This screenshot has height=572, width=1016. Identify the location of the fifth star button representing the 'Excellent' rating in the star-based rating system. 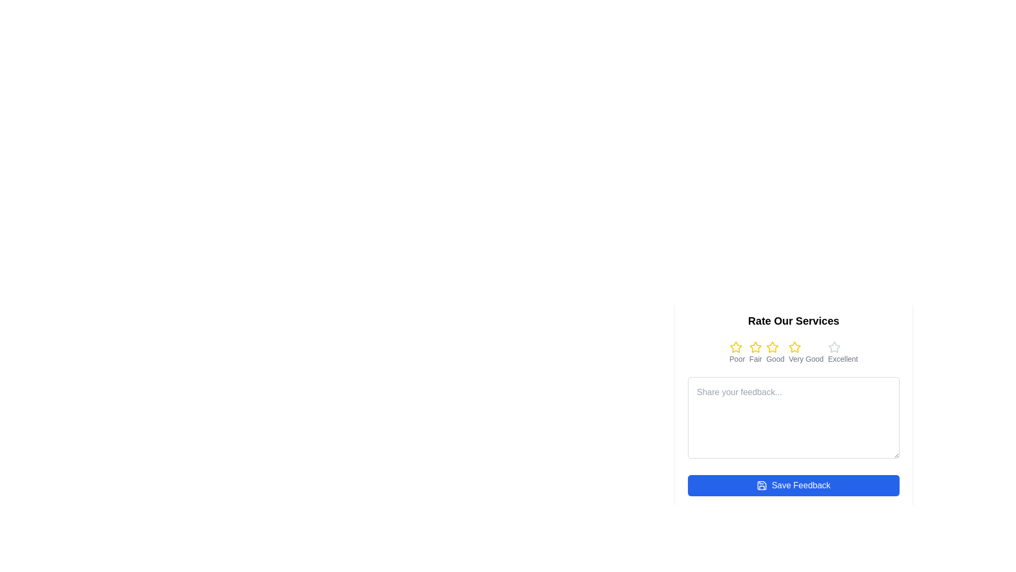
(833, 347).